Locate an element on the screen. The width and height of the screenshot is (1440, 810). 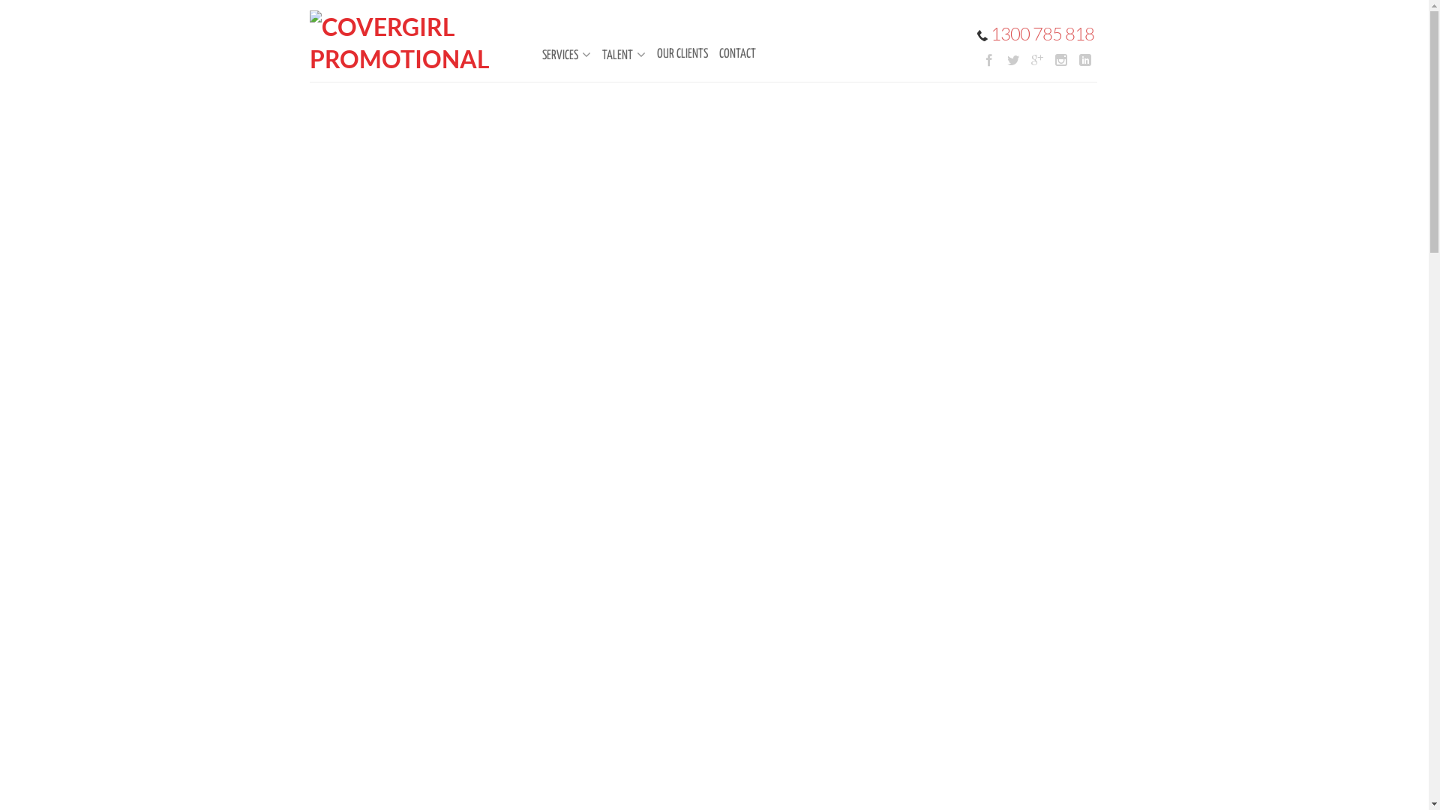
'TALENT' is located at coordinates (615, 55).